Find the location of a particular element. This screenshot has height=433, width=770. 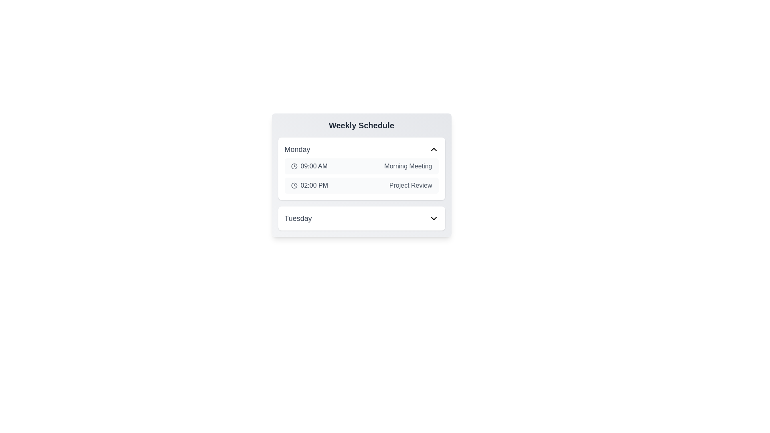

the small circular clock icon with a gray outline, positioned to the left of the text '02:00 PM' in the 'Weekly Schedule' panel under the 'Monday' section is located at coordinates (294, 185).